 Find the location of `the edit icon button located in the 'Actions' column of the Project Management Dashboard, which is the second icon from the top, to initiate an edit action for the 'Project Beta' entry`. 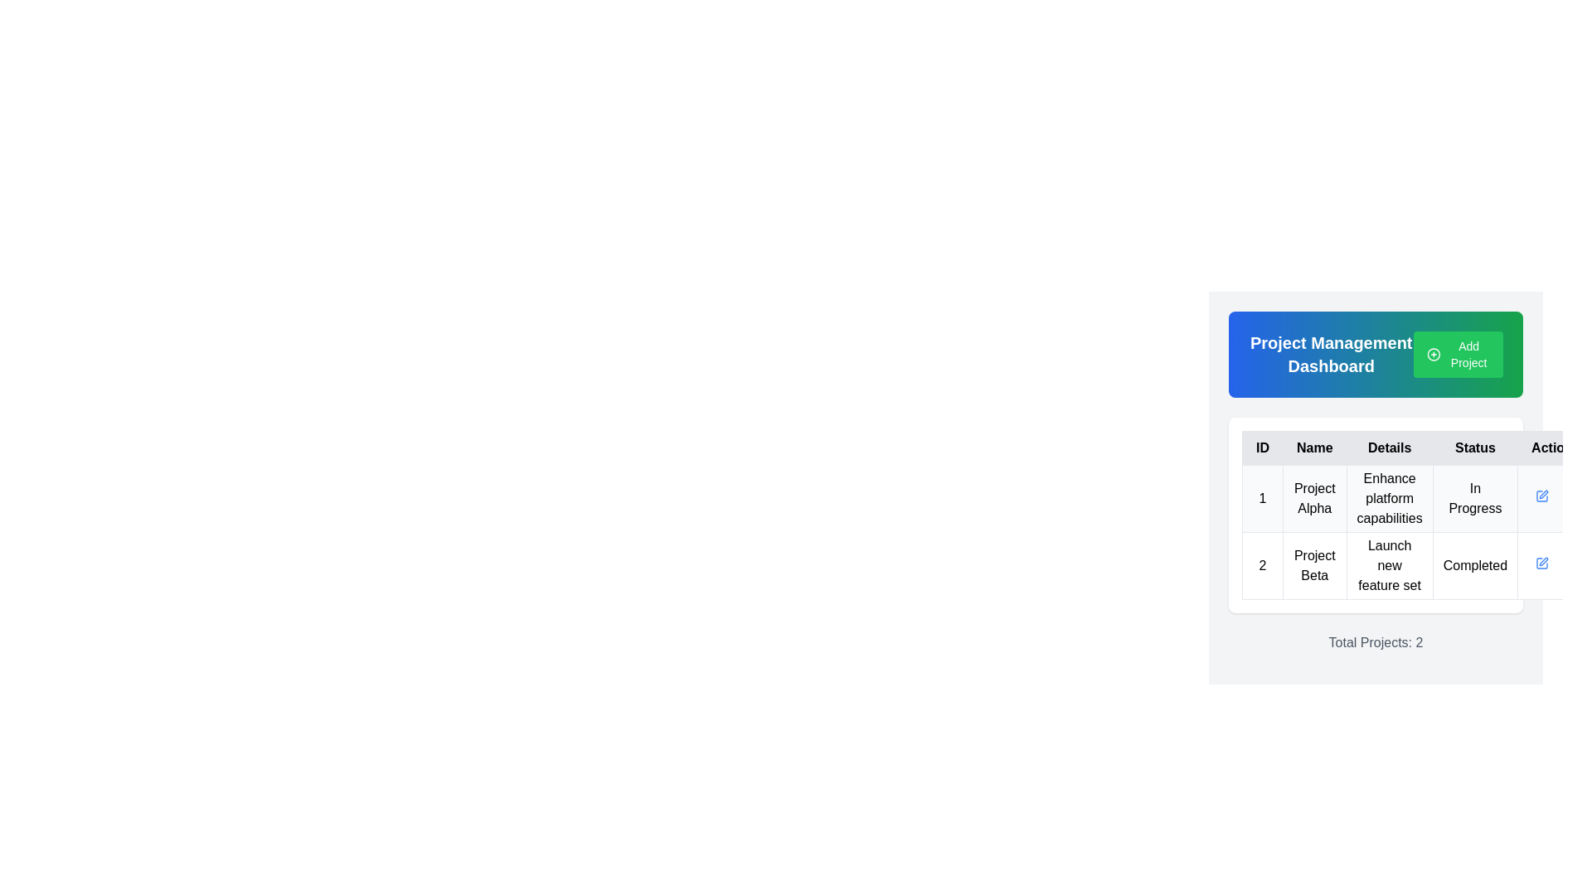

the edit icon button located in the 'Actions' column of the Project Management Dashboard, which is the second icon from the top, to initiate an edit action for the 'Project Beta' entry is located at coordinates (1543, 494).